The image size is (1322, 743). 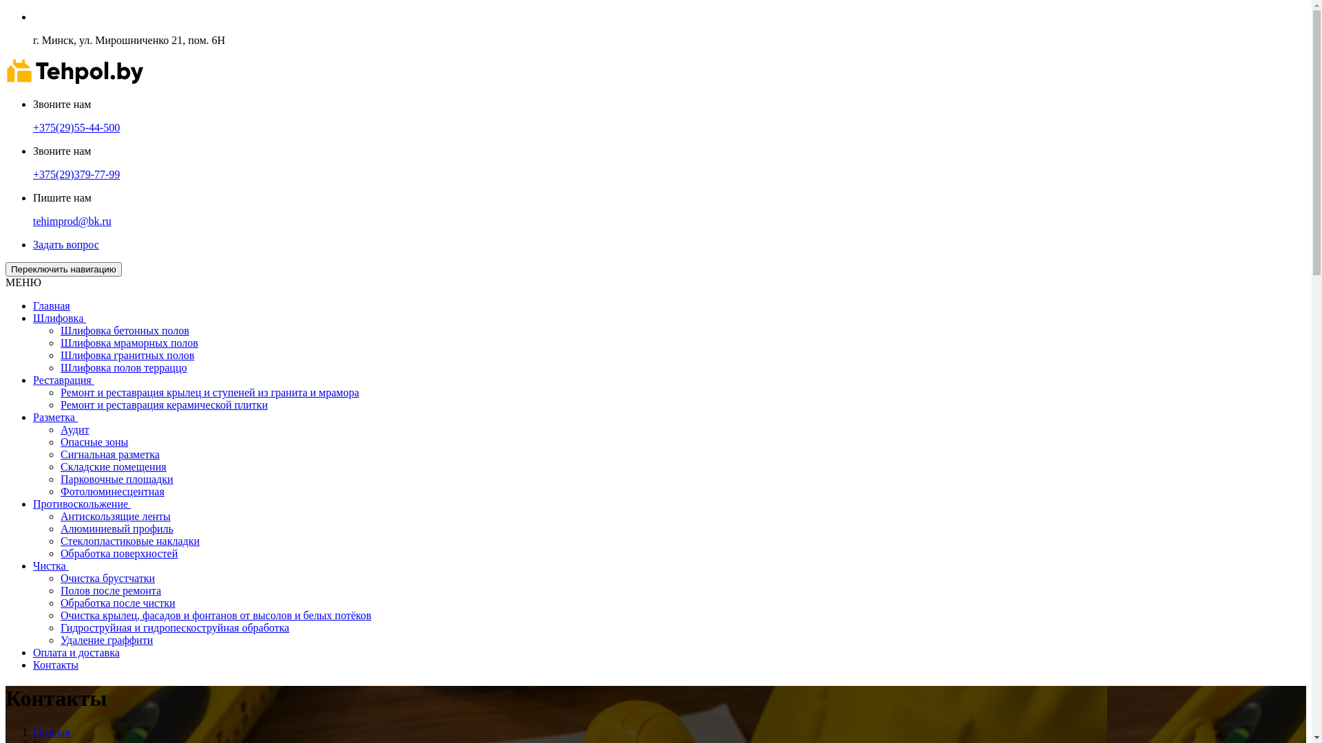 I want to click on '+375(29)379-77-99', so click(x=33, y=173).